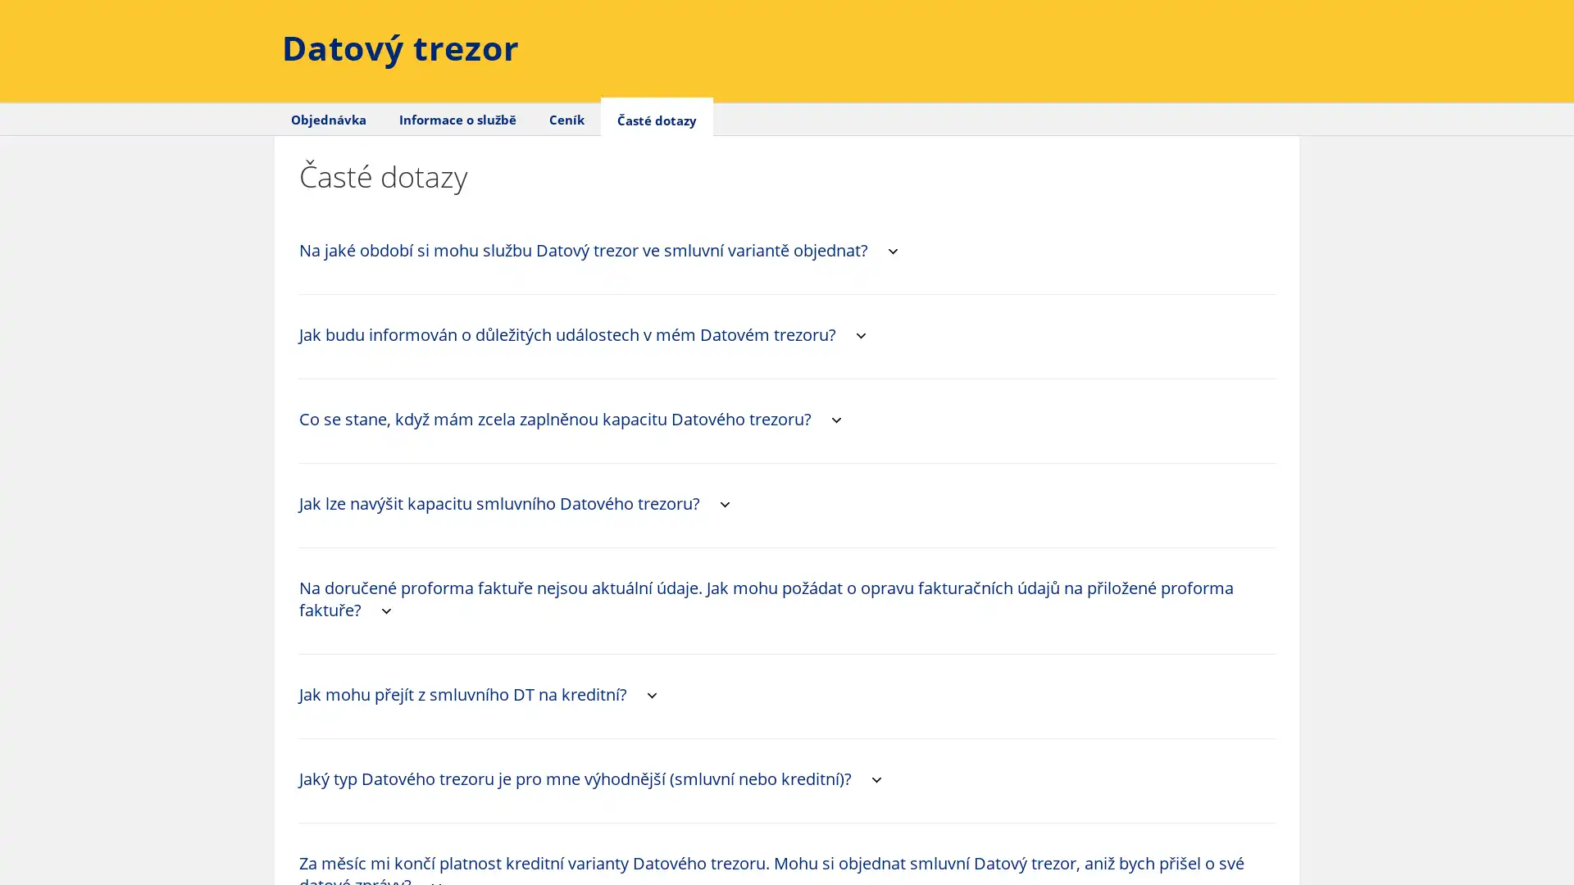 The height and width of the screenshot is (885, 1574). Describe the element at coordinates (787, 597) in the screenshot. I see `Na dorucene proforma fakture nejsou aktualni udaje. Jak mohu pozadat o opravu fakturacnich udaju na prilozene proforma fakture? collapse-arrow` at that location.